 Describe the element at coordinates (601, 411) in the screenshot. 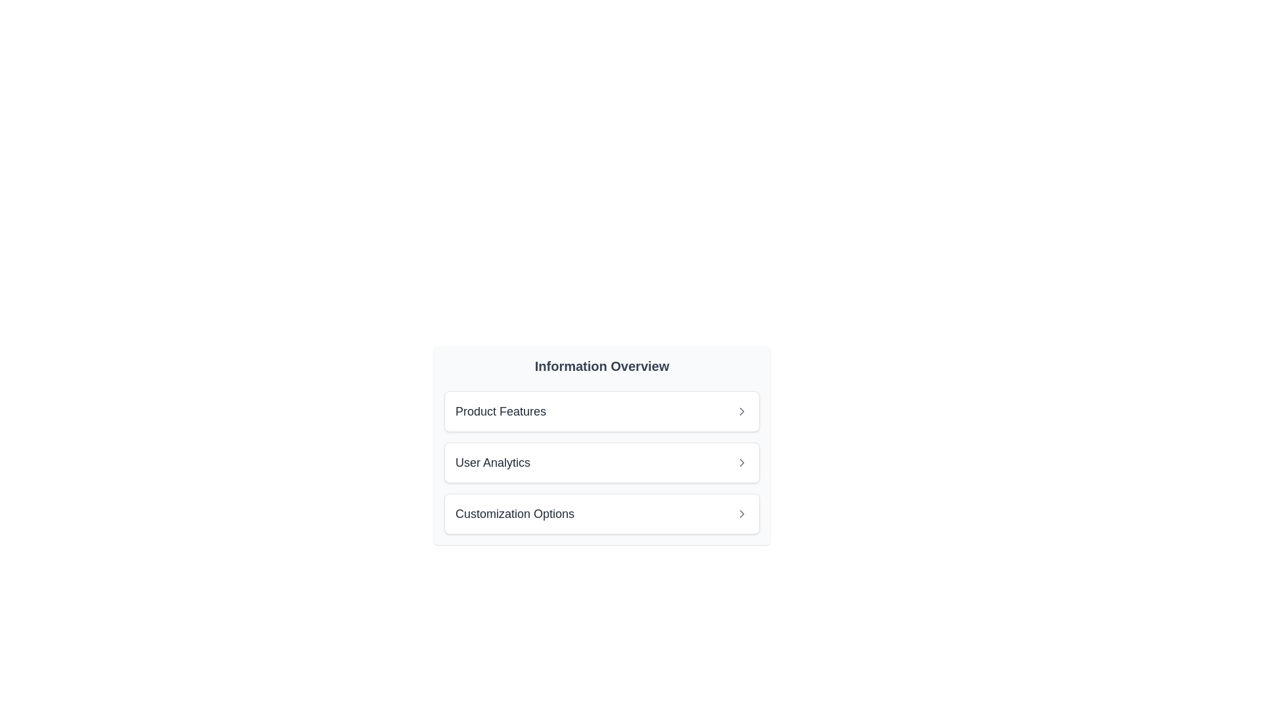

I see `the first button in the vertical list under 'Information Overview' that navigates to the 'Product Features' section` at that location.